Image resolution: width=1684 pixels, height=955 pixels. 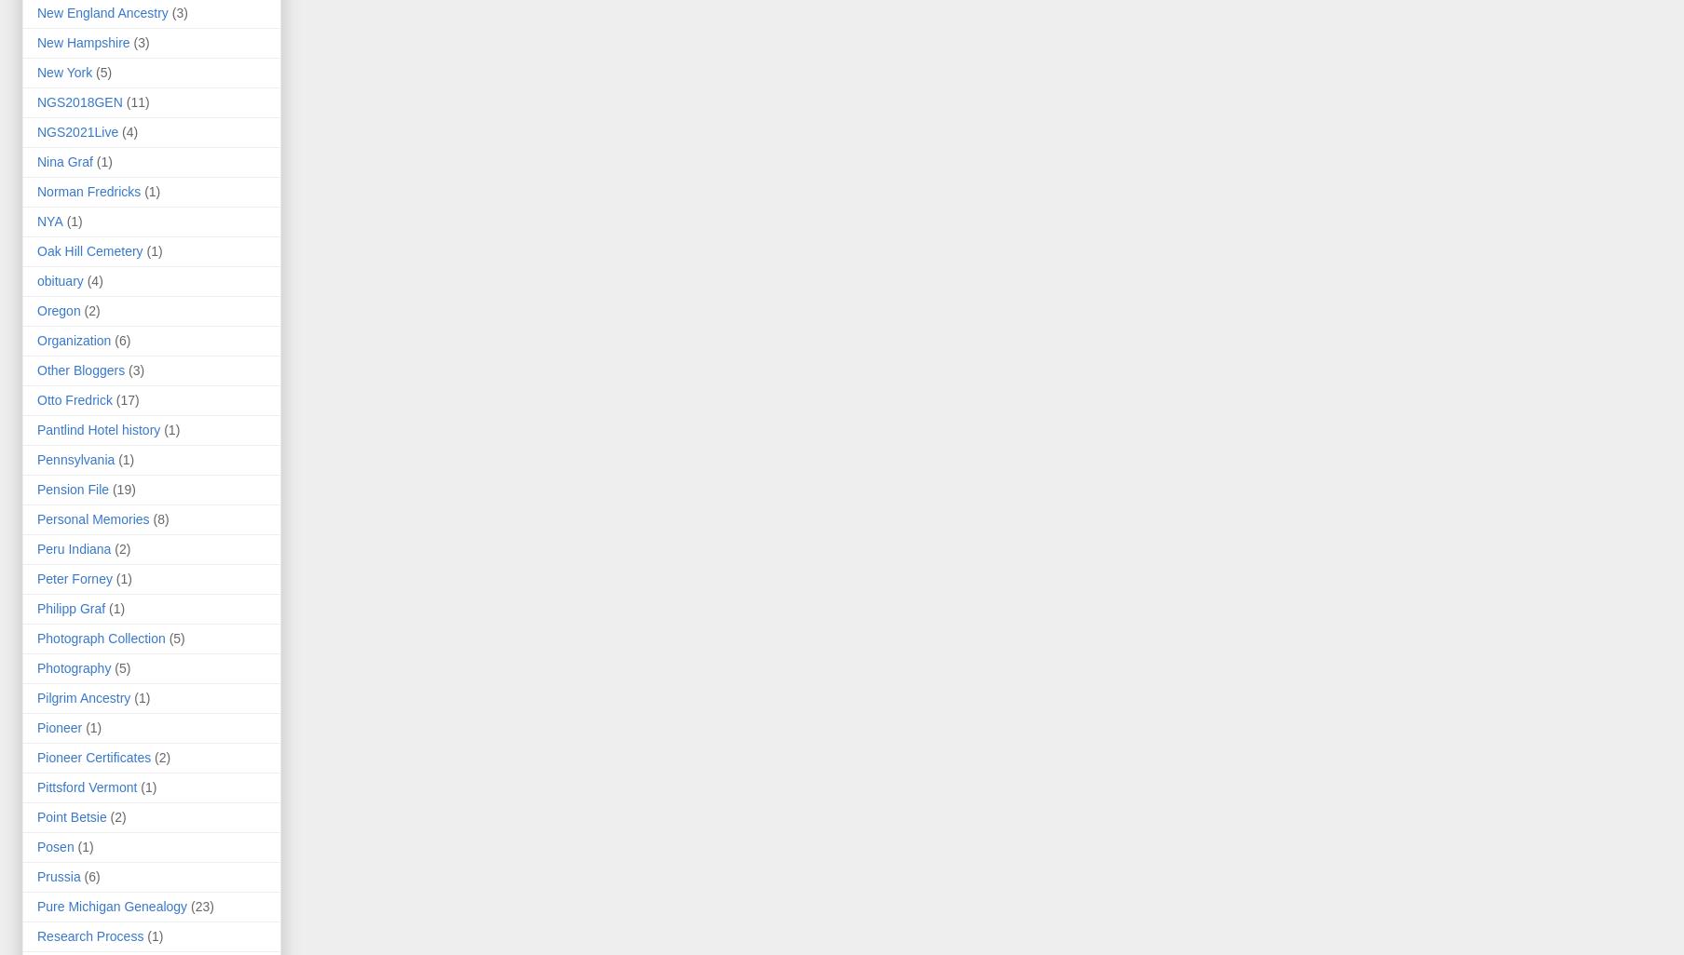 I want to click on 'Oregon', so click(x=58, y=310).